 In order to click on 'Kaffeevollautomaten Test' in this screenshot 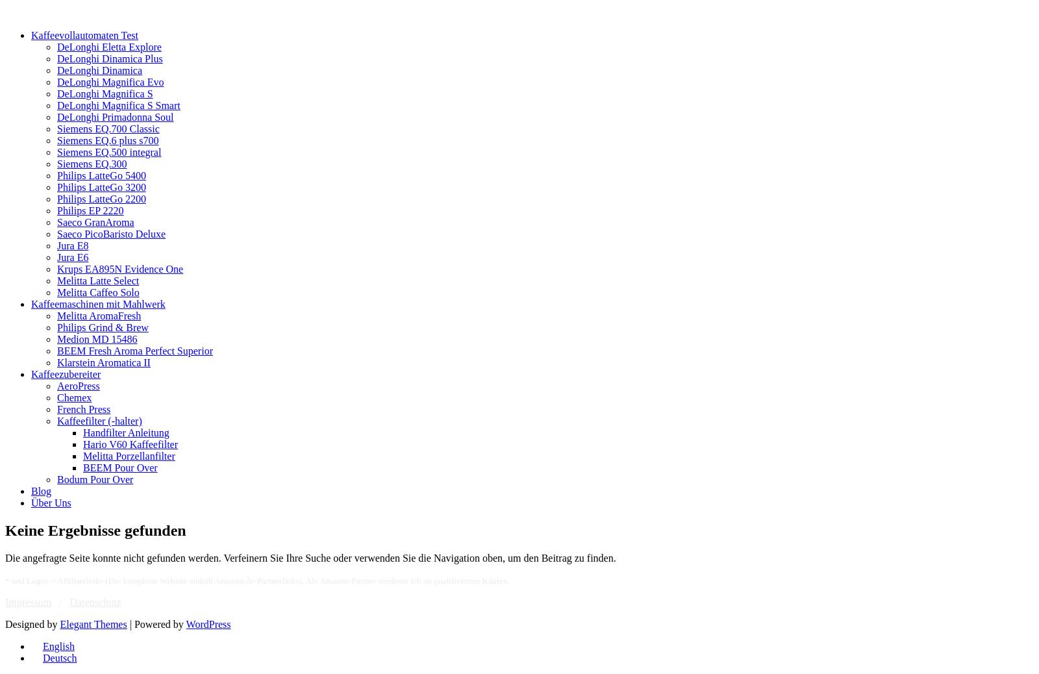, I will do `click(84, 34)`.